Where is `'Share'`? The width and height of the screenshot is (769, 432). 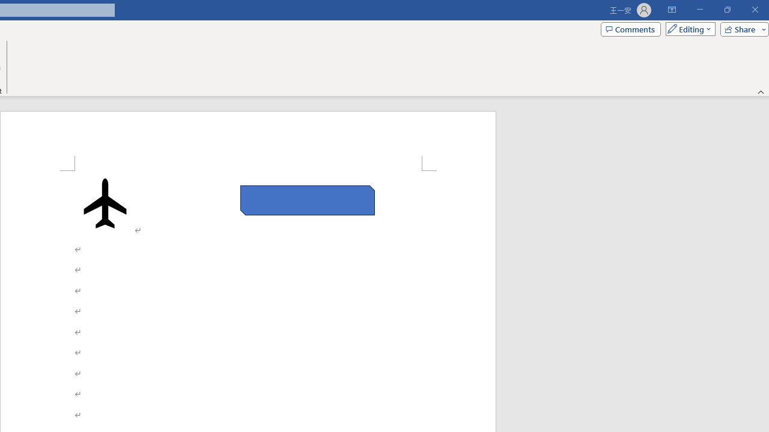 'Share' is located at coordinates (741, 28).